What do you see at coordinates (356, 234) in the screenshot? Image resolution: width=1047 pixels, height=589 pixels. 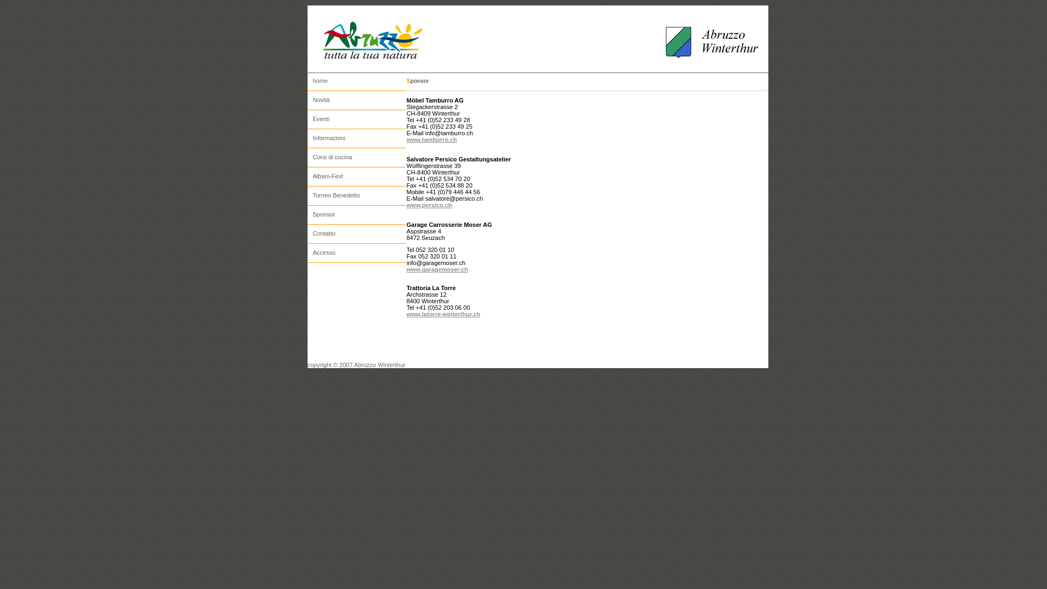 I see `'Contatto'` at bounding box center [356, 234].